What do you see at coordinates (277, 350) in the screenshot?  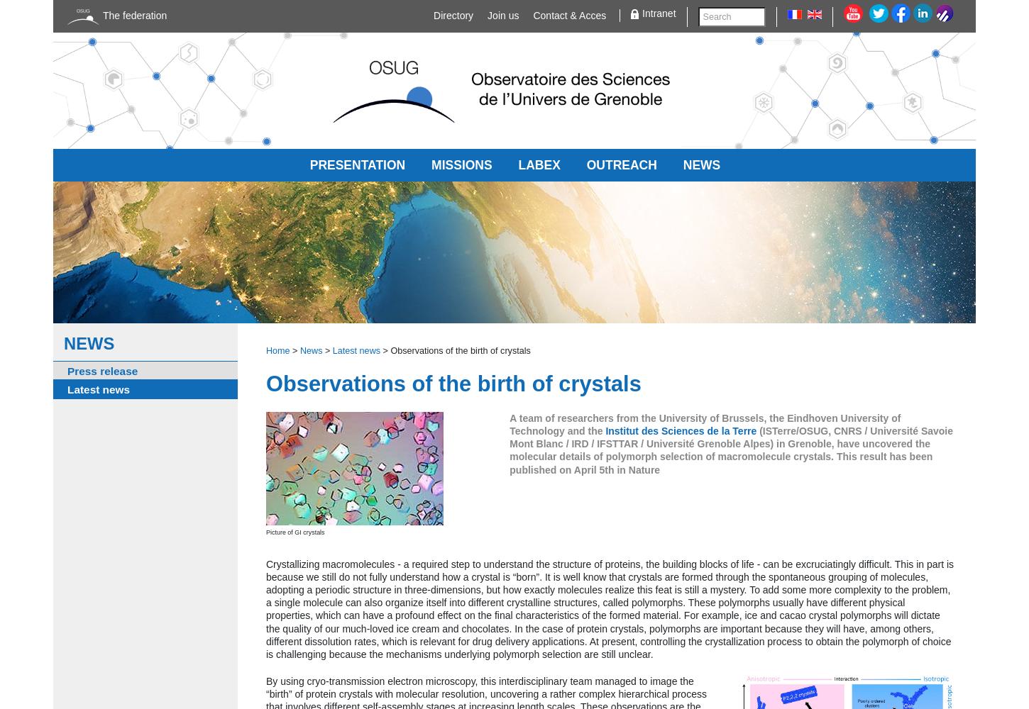 I see `'Home'` at bounding box center [277, 350].